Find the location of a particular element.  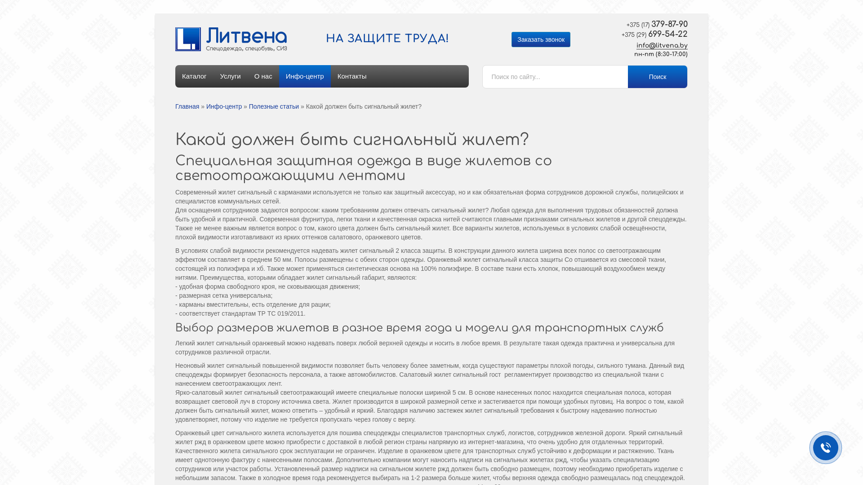

'+375 (17) 379-87-90' is located at coordinates (650, 24).